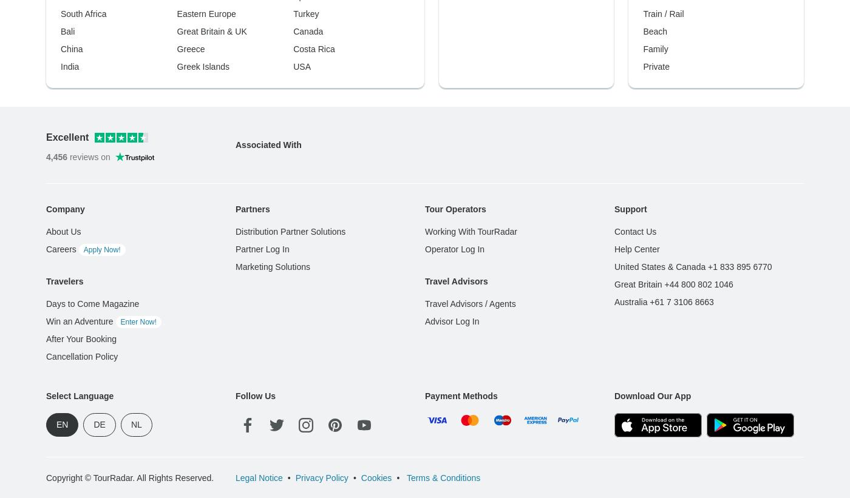 The height and width of the screenshot is (498, 850). I want to click on 'Legal Notice', so click(259, 281).